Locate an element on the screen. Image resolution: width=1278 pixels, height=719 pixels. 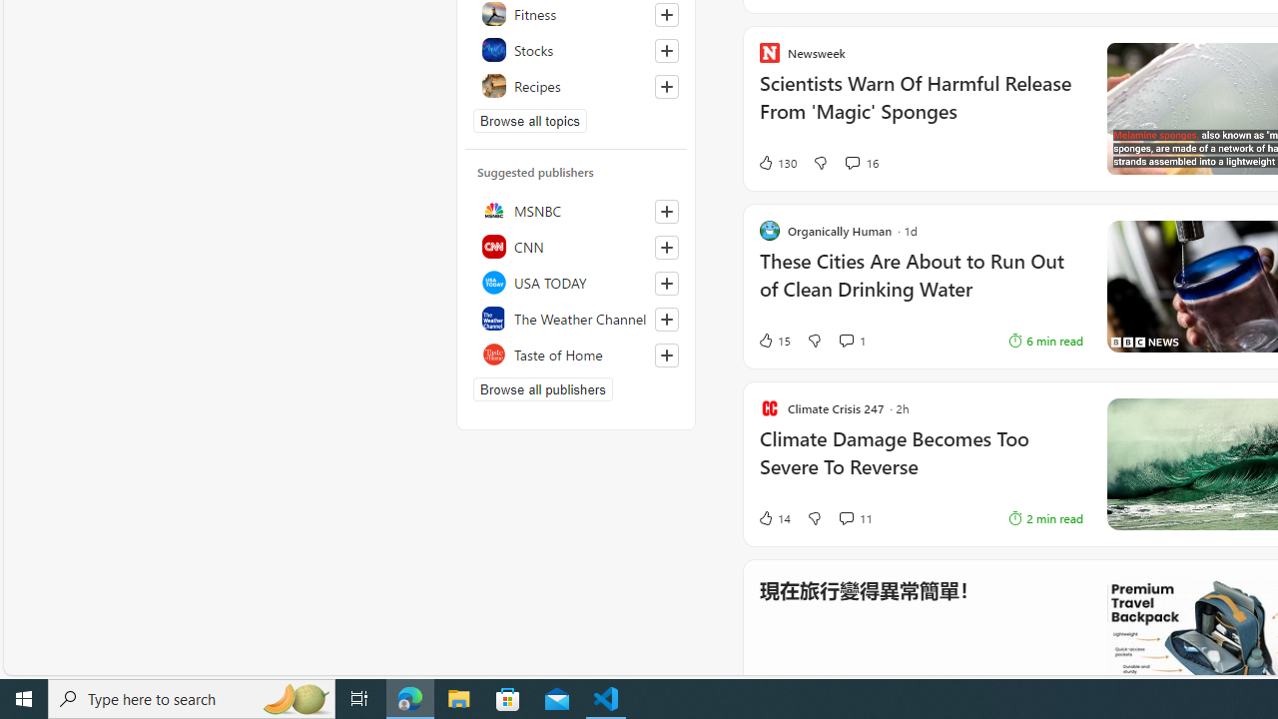
'View comments 11 Comment' is located at coordinates (855, 517).